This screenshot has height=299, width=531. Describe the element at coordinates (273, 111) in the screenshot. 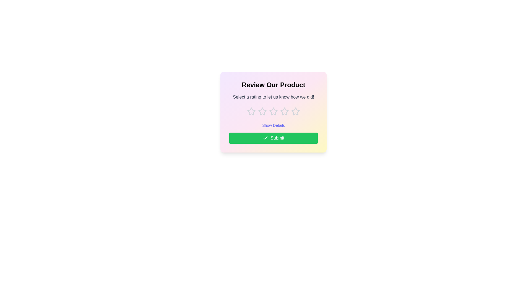

I see `the rating to 3 stars by clicking on the corresponding star` at that location.